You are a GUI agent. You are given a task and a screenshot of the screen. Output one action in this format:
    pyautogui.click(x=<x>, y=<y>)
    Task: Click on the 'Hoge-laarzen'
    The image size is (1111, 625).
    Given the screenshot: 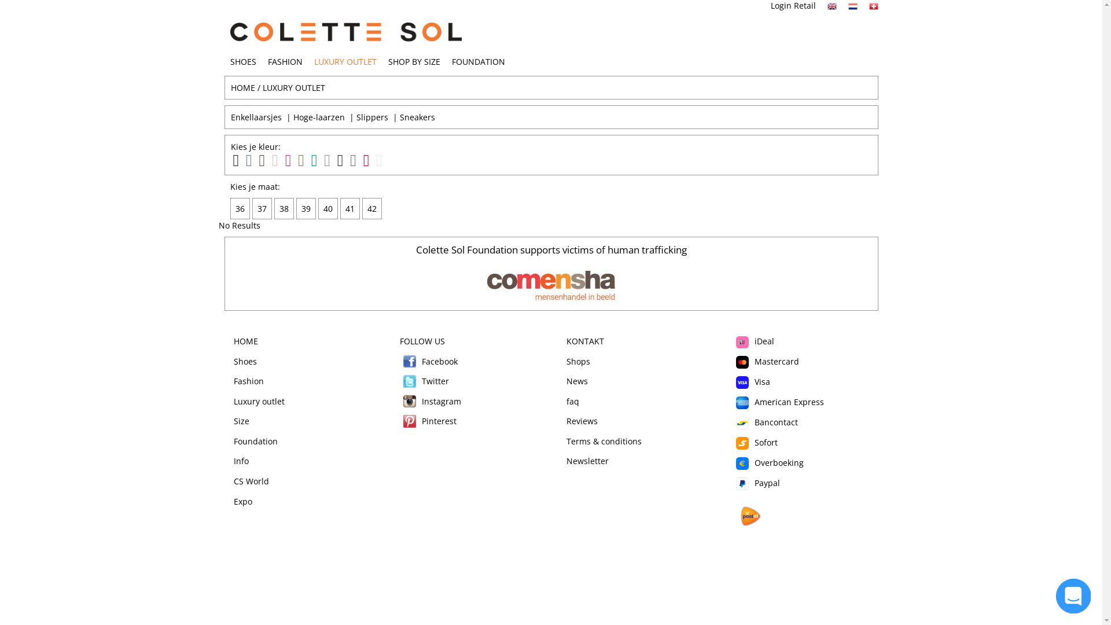 What is the action you would take?
    pyautogui.click(x=318, y=117)
    